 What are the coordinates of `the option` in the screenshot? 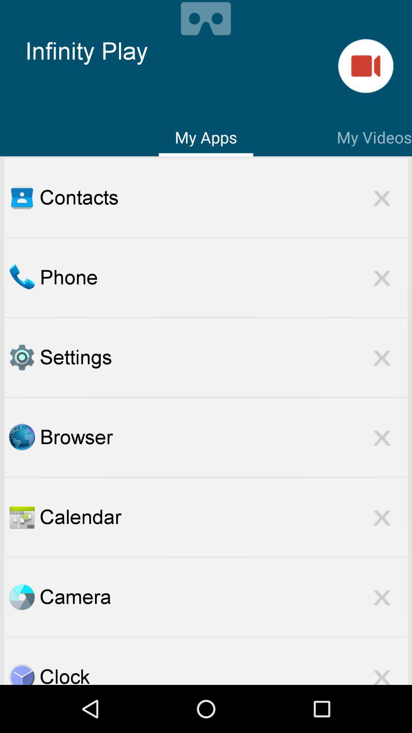 It's located at (382, 597).